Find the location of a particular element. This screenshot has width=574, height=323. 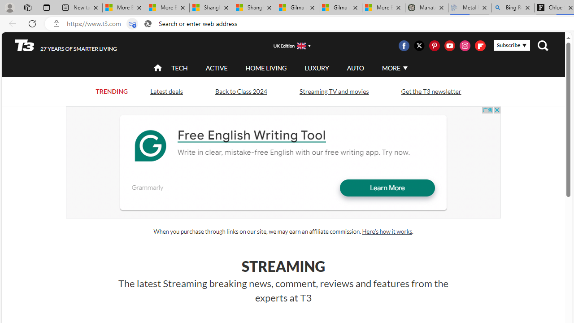

'Visit us on Instagram' is located at coordinates (465, 45).